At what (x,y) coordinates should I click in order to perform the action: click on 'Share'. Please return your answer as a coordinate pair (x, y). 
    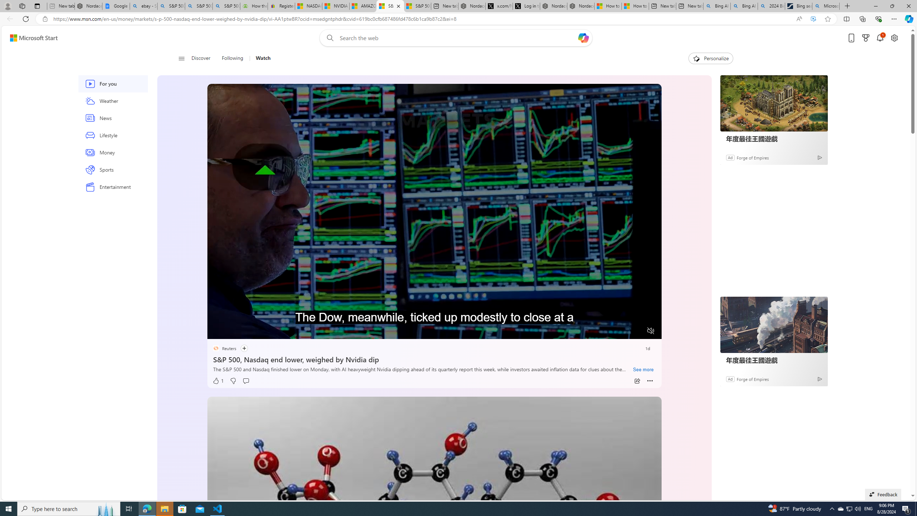
    Looking at the image, I should click on (637, 381).